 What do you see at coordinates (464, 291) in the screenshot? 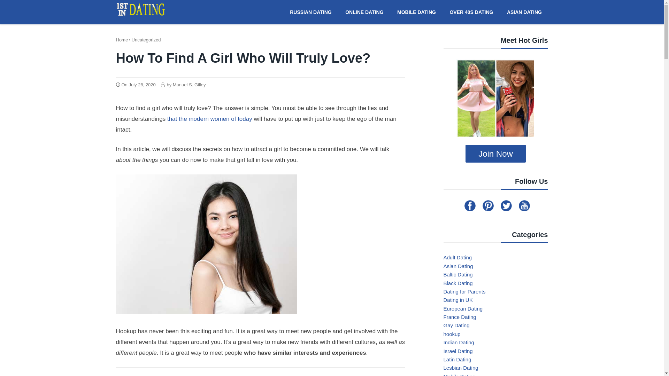
I see `'Dating for Parents'` at bounding box center [464, 291].